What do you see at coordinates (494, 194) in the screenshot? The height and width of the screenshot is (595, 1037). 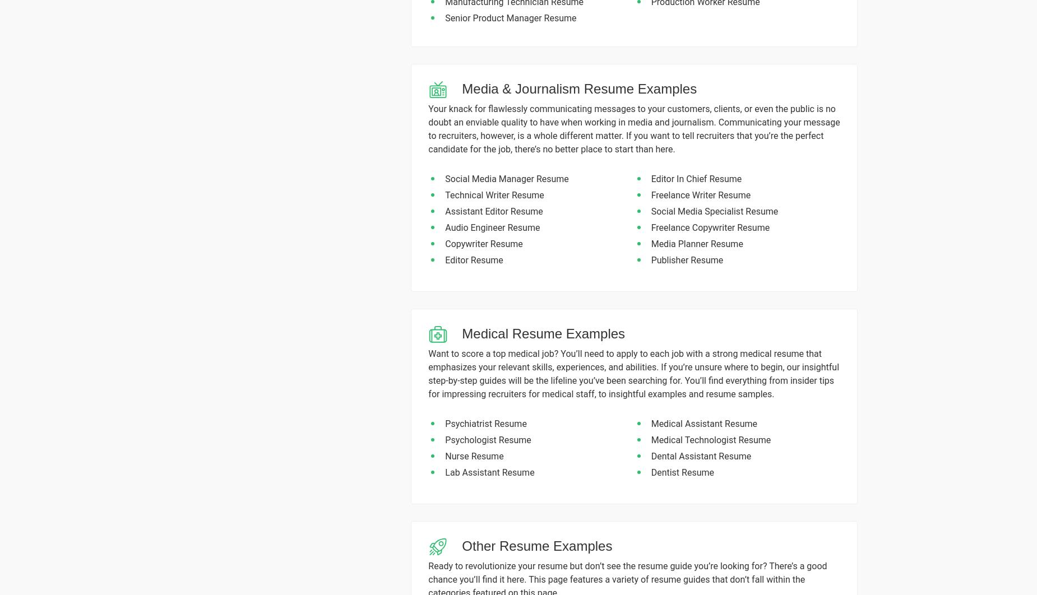 I see `'Technical Writer Resume'` at bounding box center [494, 194].